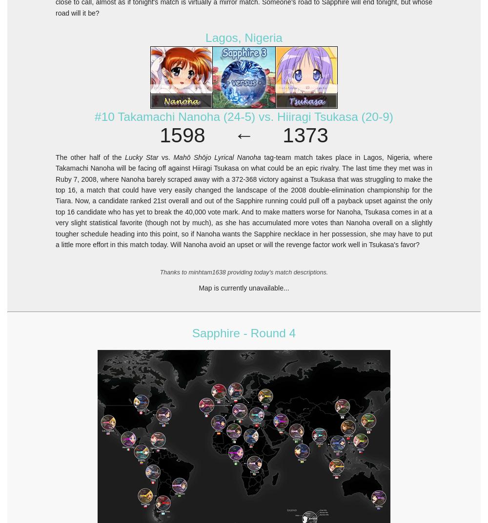 The image size is (488, 523). I want to click on 'Sapphire - Round 4', so click(243, 332).